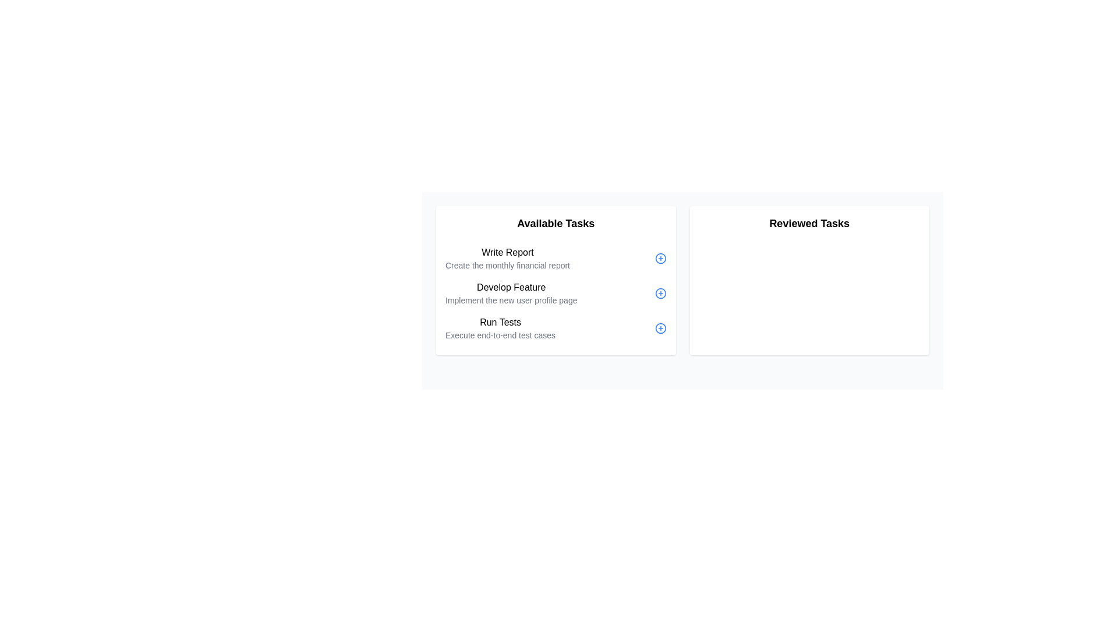  What do you see at coordinates (500, 335) in the screenshot?
I see `text label that says 'Execute end-to-end test cases', which is located beneath the 'Run Tests' header in the task card under 'Available Tasks'` at bounding box center [500, 335].